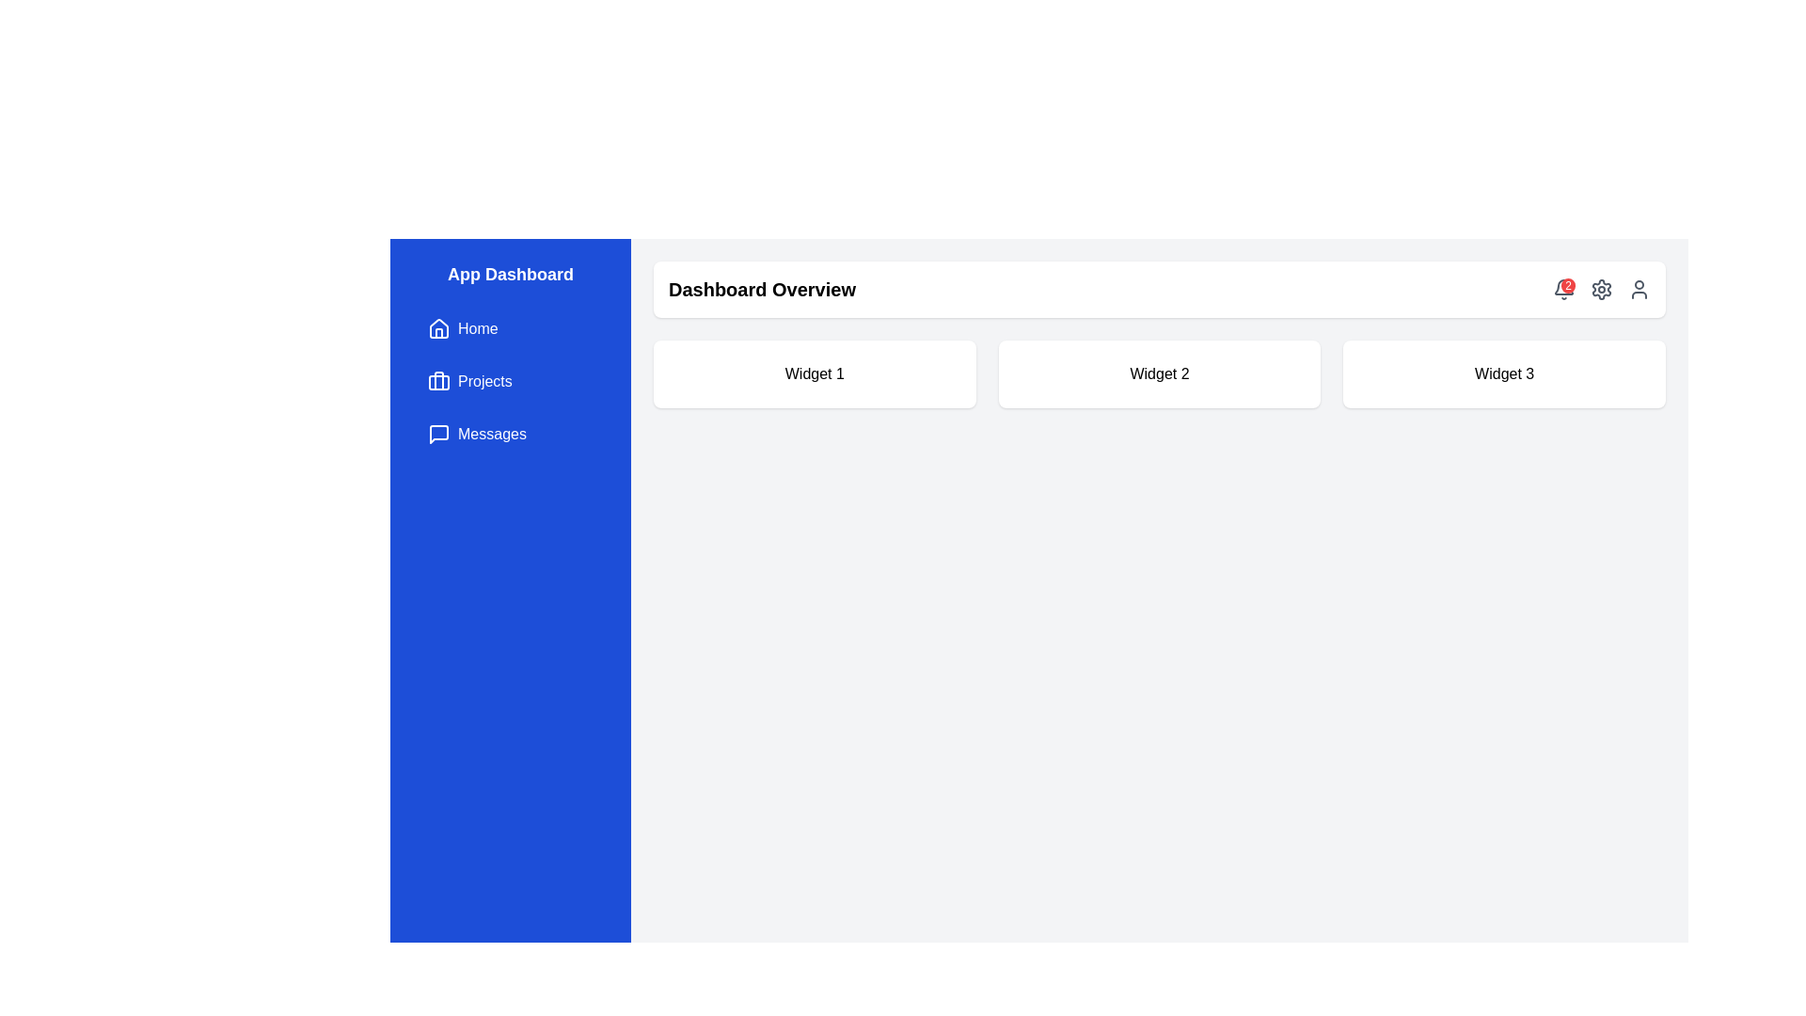 This screenshot has width=1806, height=1016. I want to click on properties of the decorative SVG shape within the 'Projects' icon located on the vertical menu bar, situated between the 'Home' and 'Messages' icons, so click(437, 382).